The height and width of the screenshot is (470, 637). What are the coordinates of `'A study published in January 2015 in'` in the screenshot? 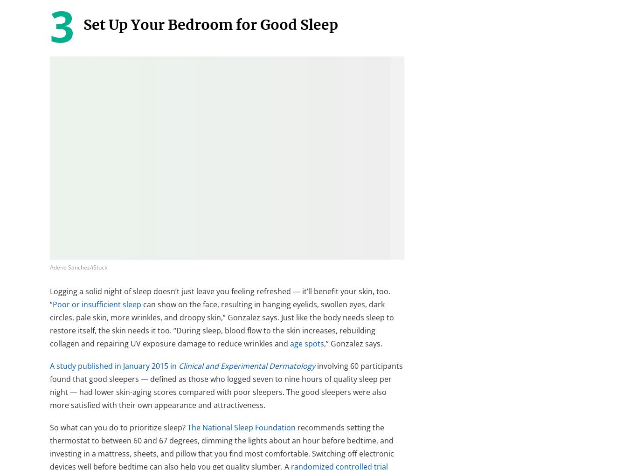 It's located at (114, 366).